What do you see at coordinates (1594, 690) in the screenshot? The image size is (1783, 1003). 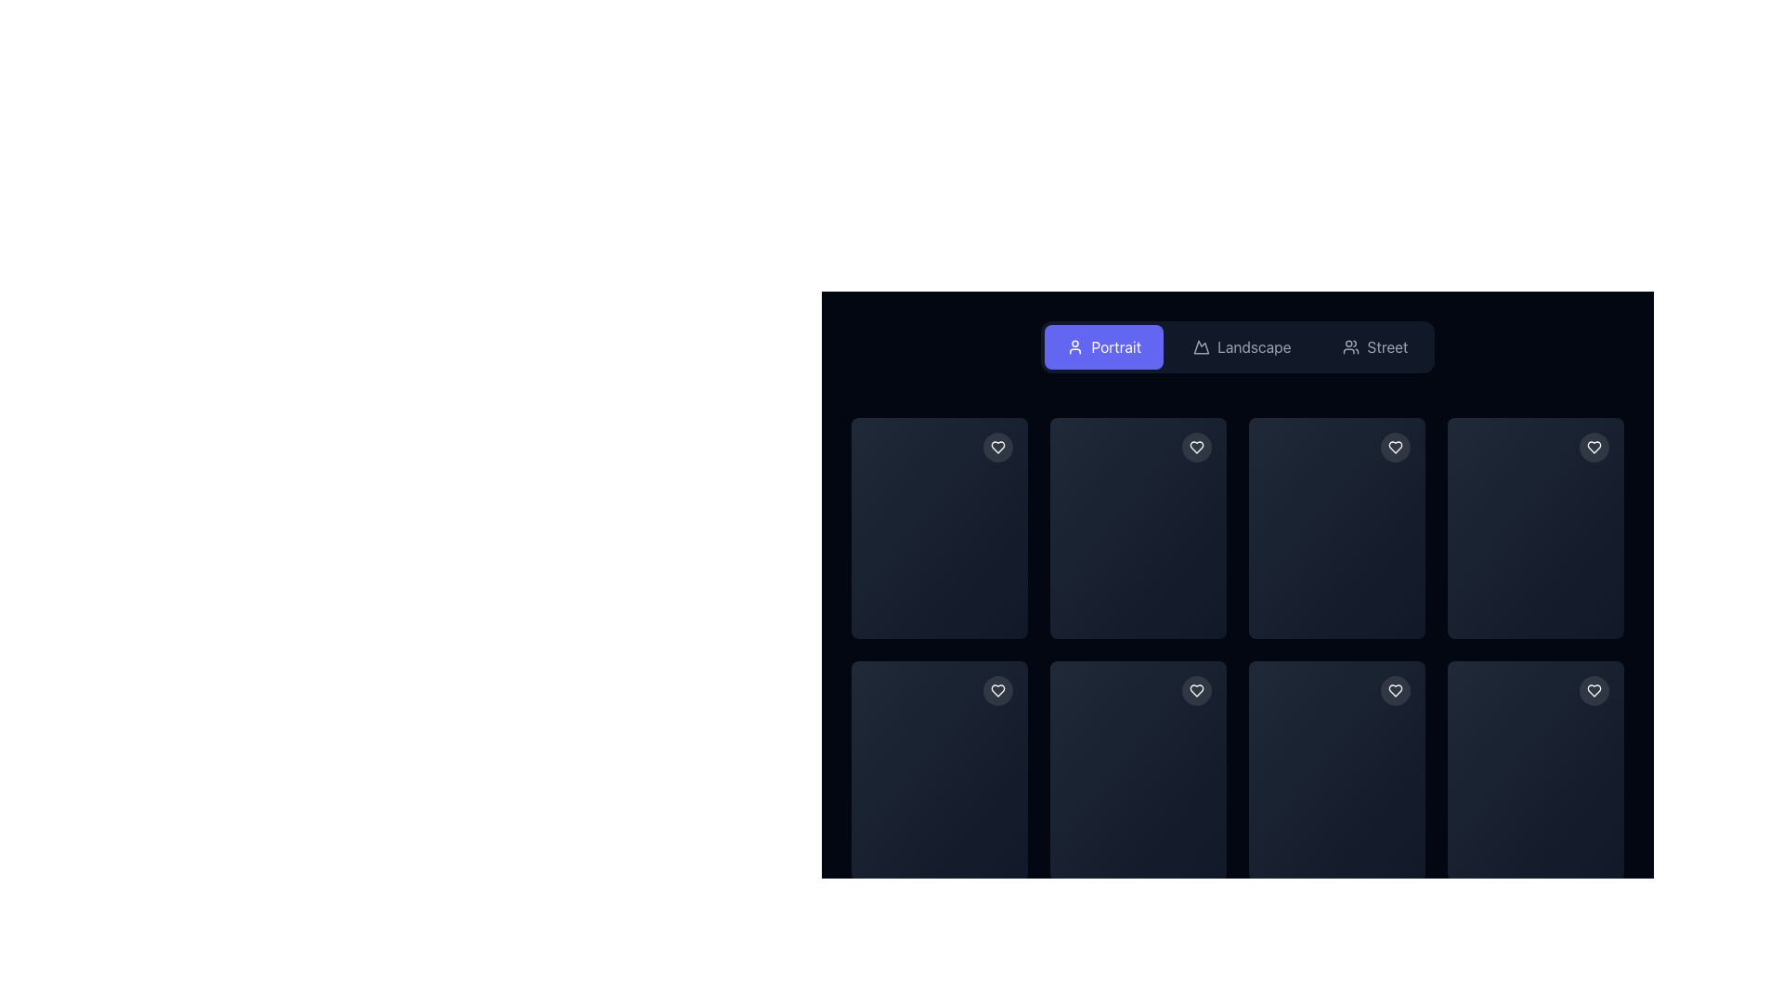 I see `the favorite button located at the top-right corner of the grid card in the fourth column of the last row` at bounding box center [1594, 690].